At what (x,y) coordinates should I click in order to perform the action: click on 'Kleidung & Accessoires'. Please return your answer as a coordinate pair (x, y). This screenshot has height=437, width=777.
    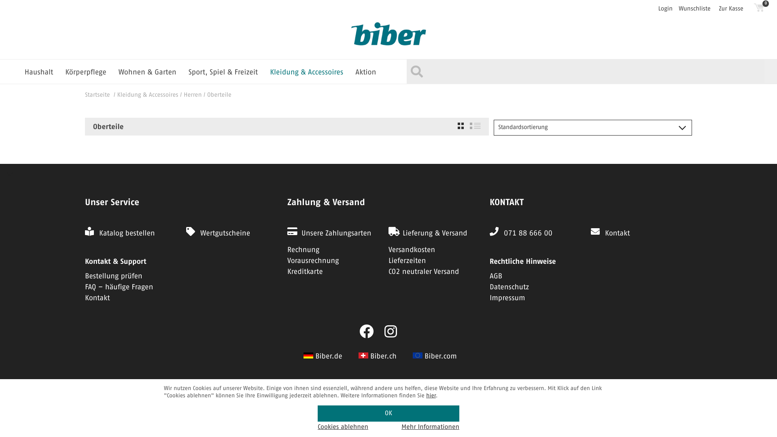
    Looking at the image, I should click on (148, 95).